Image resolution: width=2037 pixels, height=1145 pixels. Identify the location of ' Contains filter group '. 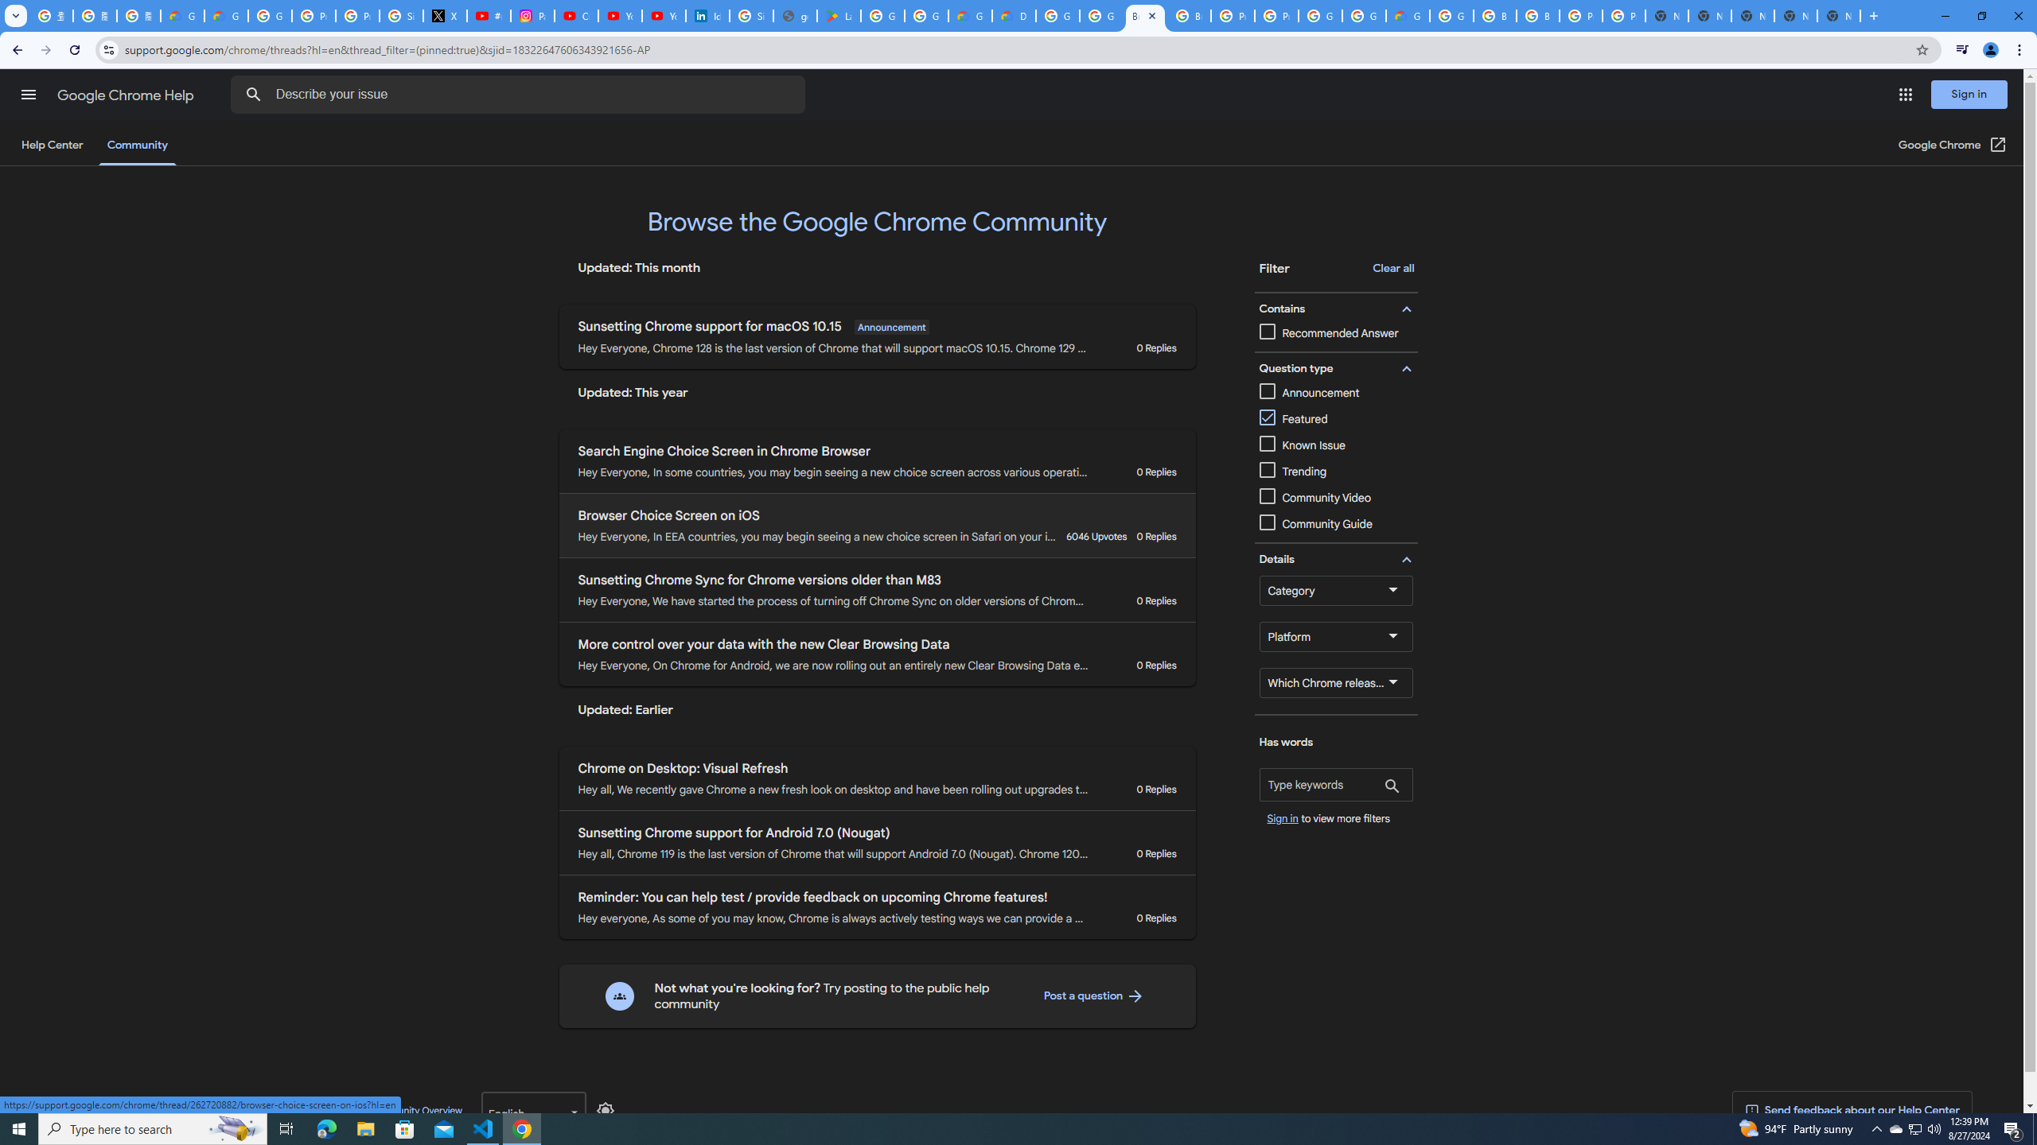
(1333, 308).